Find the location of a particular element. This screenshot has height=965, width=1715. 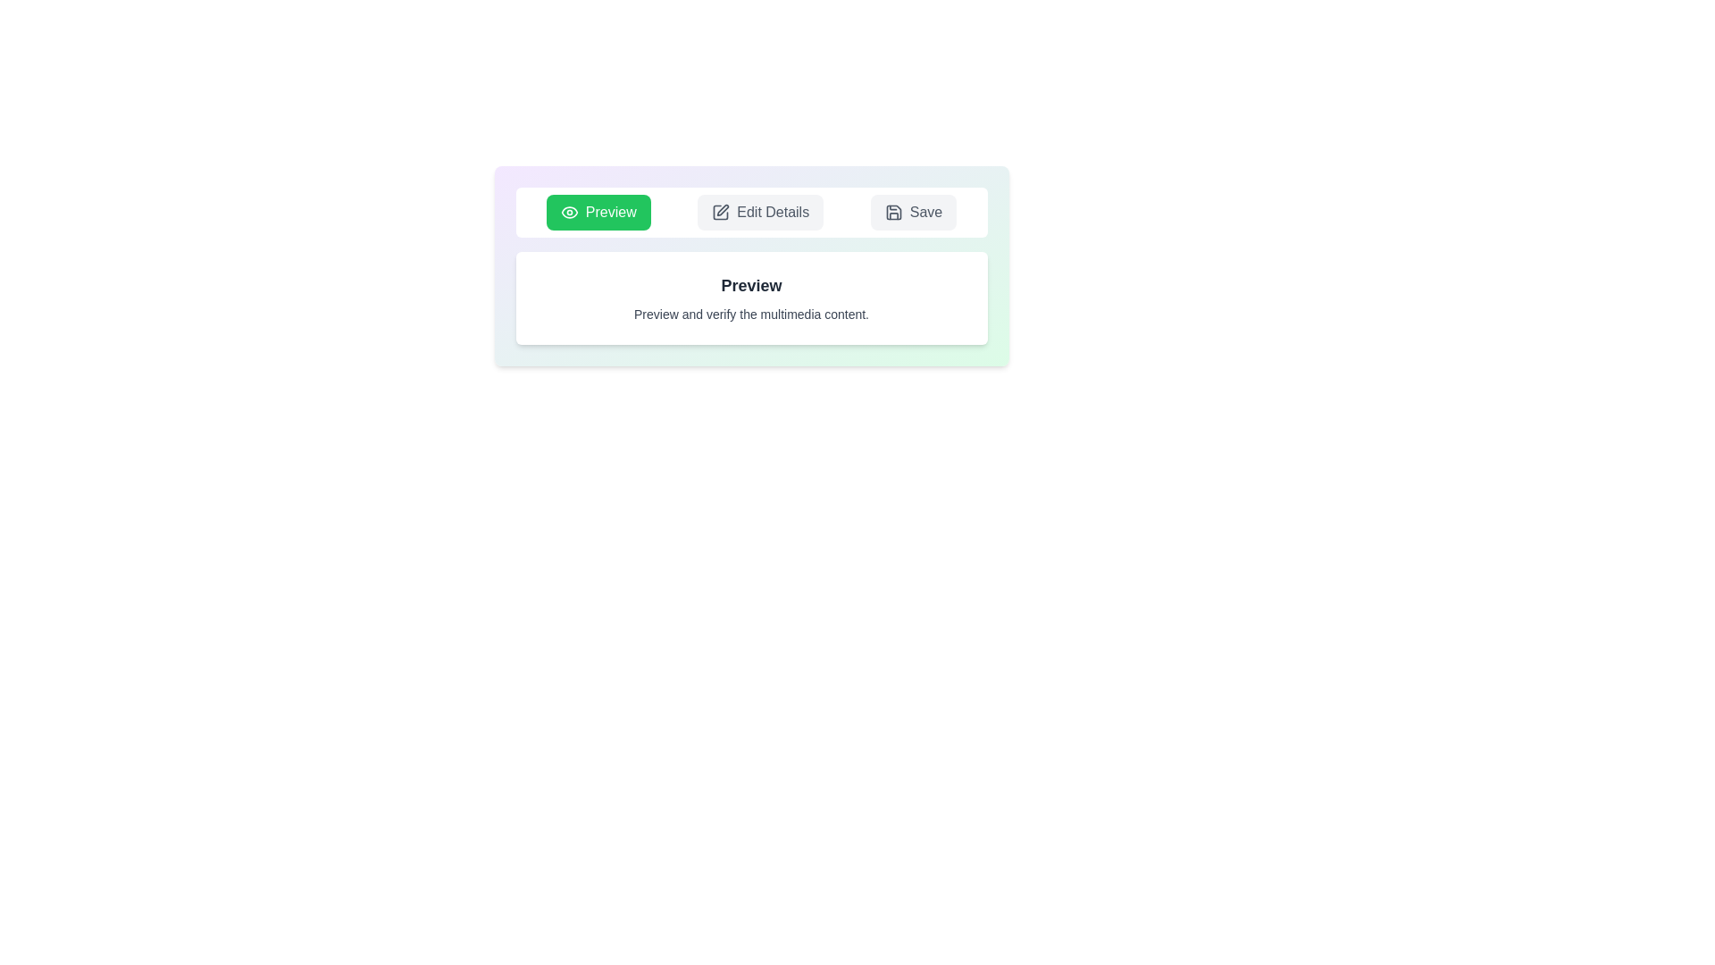

the tab corresponding to Preview is located at coordinates (598, 212).